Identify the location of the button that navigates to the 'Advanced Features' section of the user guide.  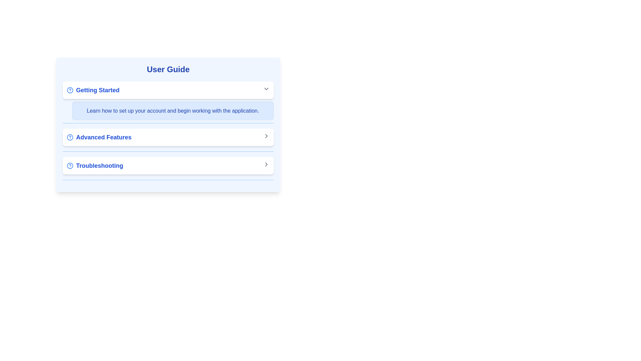
(168, 137).